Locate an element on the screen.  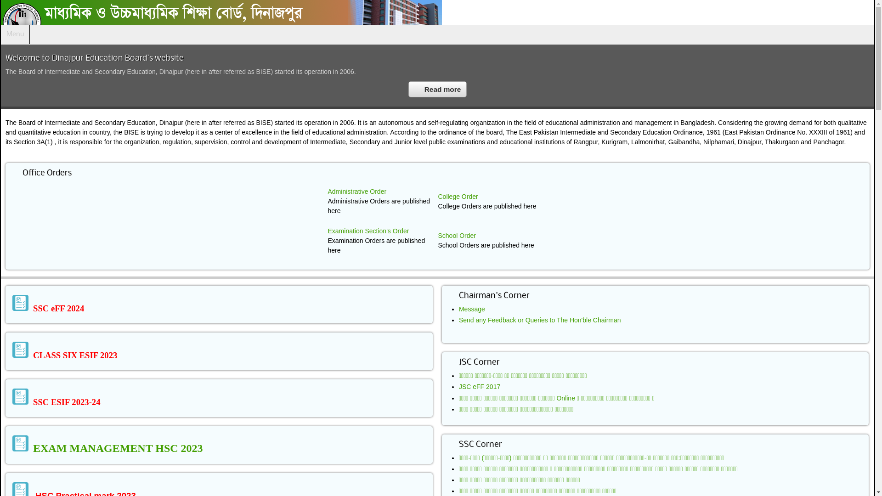
'JSC eFF 2017' is located at coordinates (458, 386).